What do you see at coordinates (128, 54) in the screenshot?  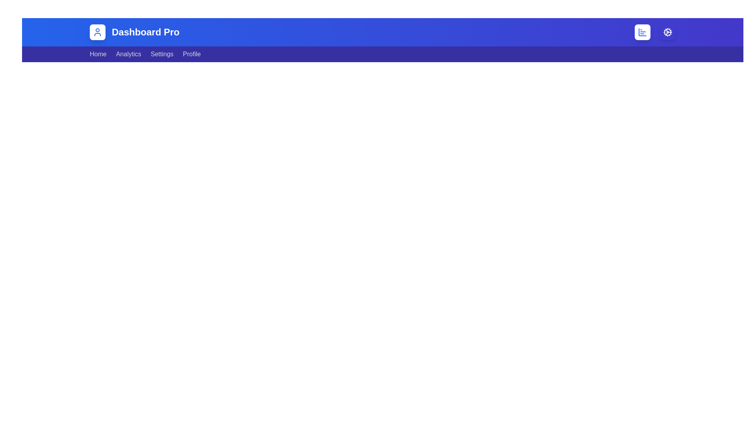 I see `the Analytics navigation bar item` at bounding box center [128, 54].